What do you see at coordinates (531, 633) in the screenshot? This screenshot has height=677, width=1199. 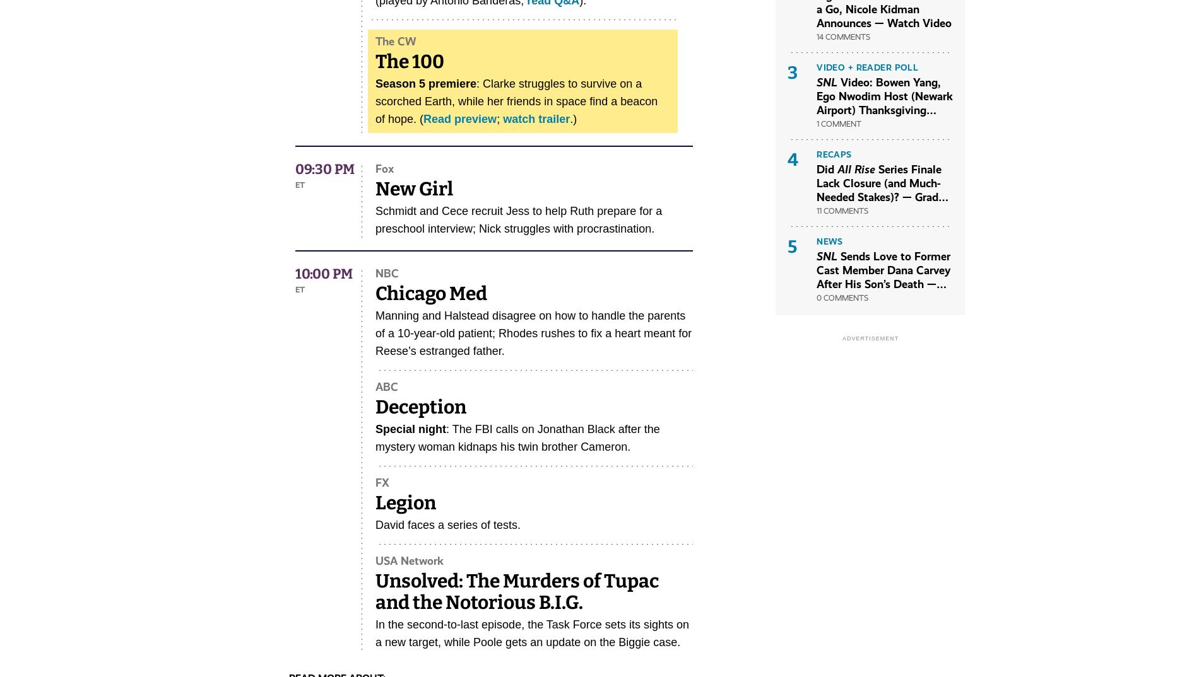 I see `'In the second-to-last episode, the Task Force sets its sights on a new target, while Poole gets an update on the Biggie case.'` at bounding box center [531, 633].